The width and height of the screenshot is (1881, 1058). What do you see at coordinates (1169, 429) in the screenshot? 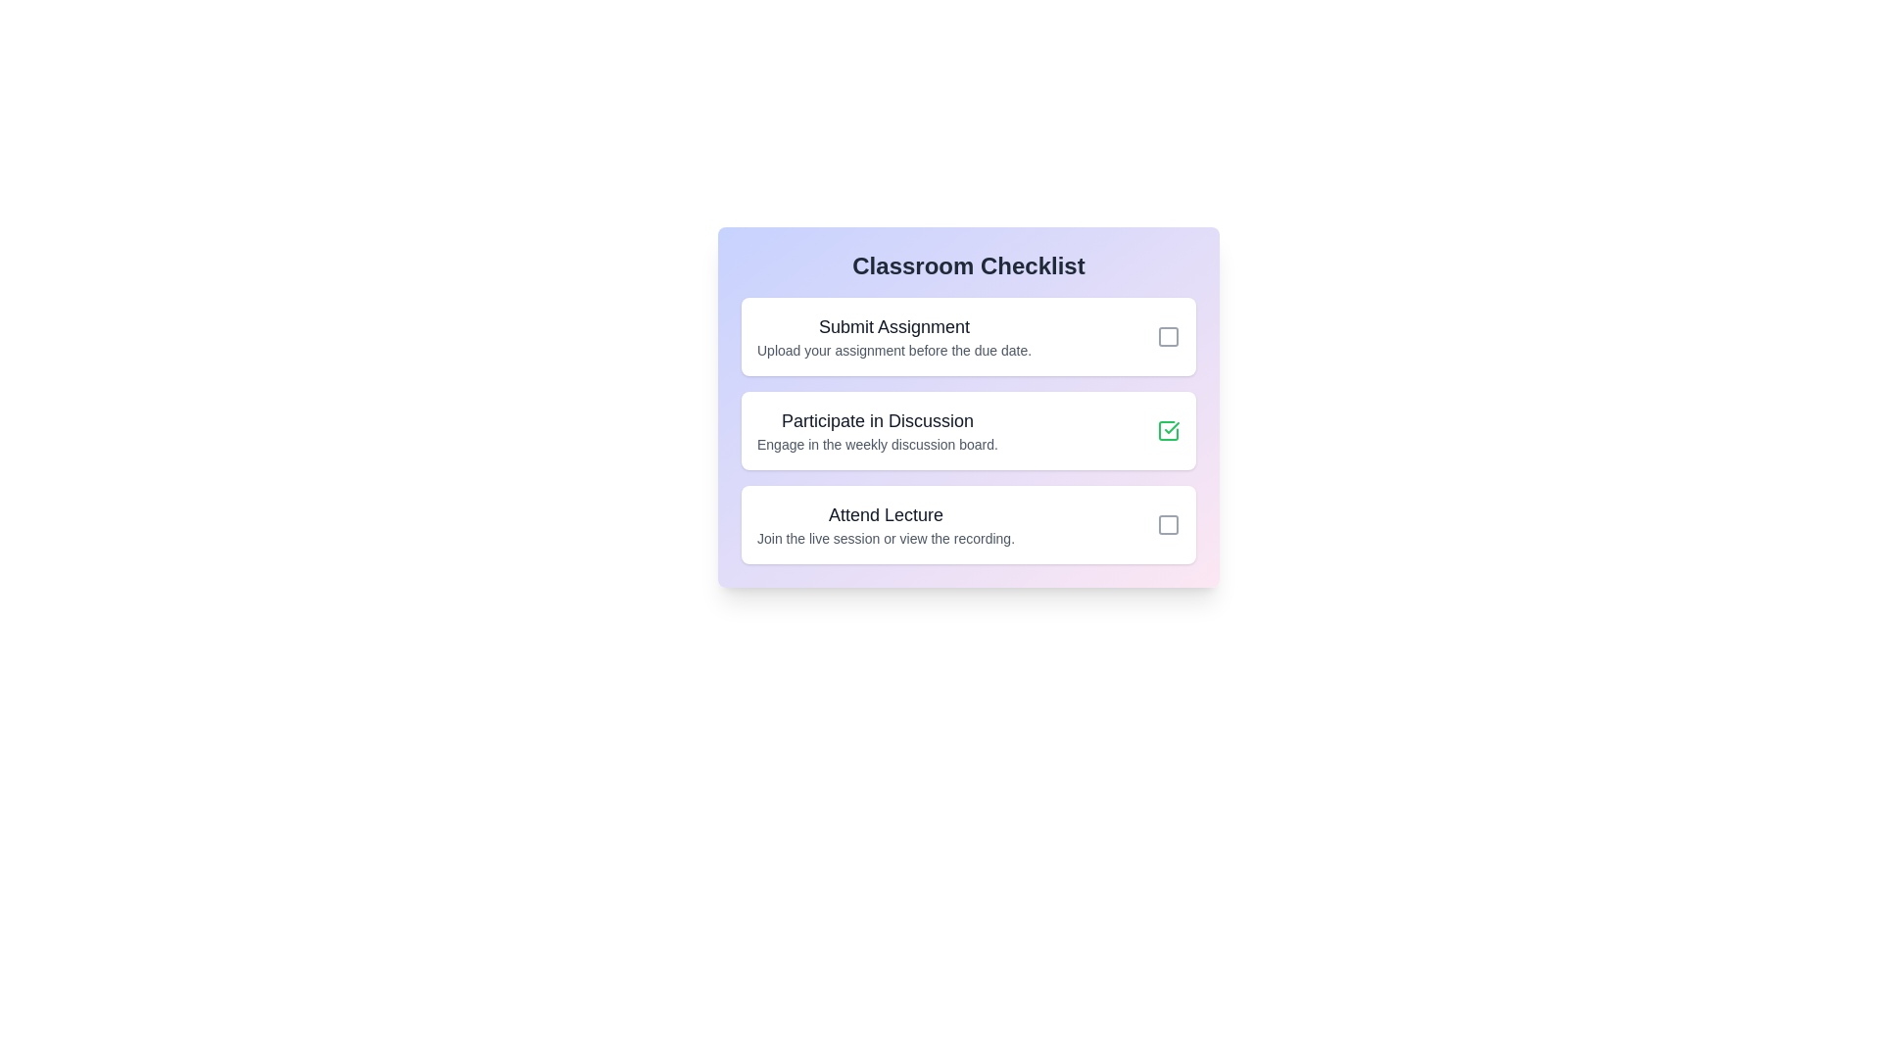
I see `the checkbox for the task 'Participate in Discussion'` at bounding box center [1169, 429].